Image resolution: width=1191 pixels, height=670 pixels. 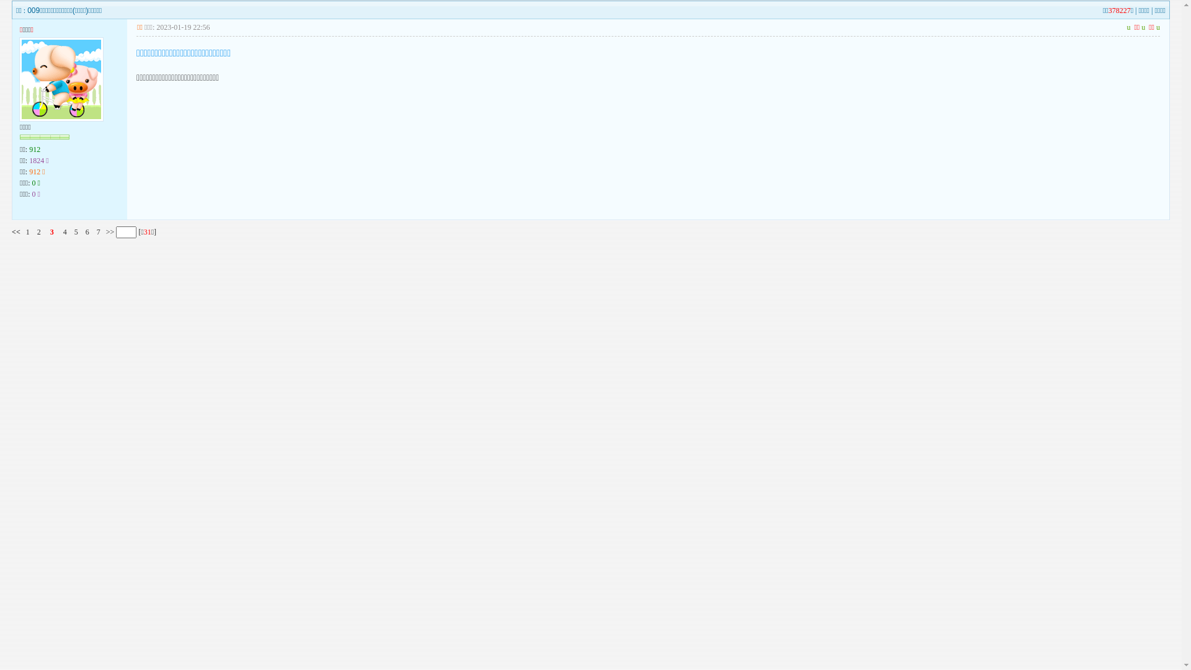 I want to click on '5', so click(x=74, y=232).